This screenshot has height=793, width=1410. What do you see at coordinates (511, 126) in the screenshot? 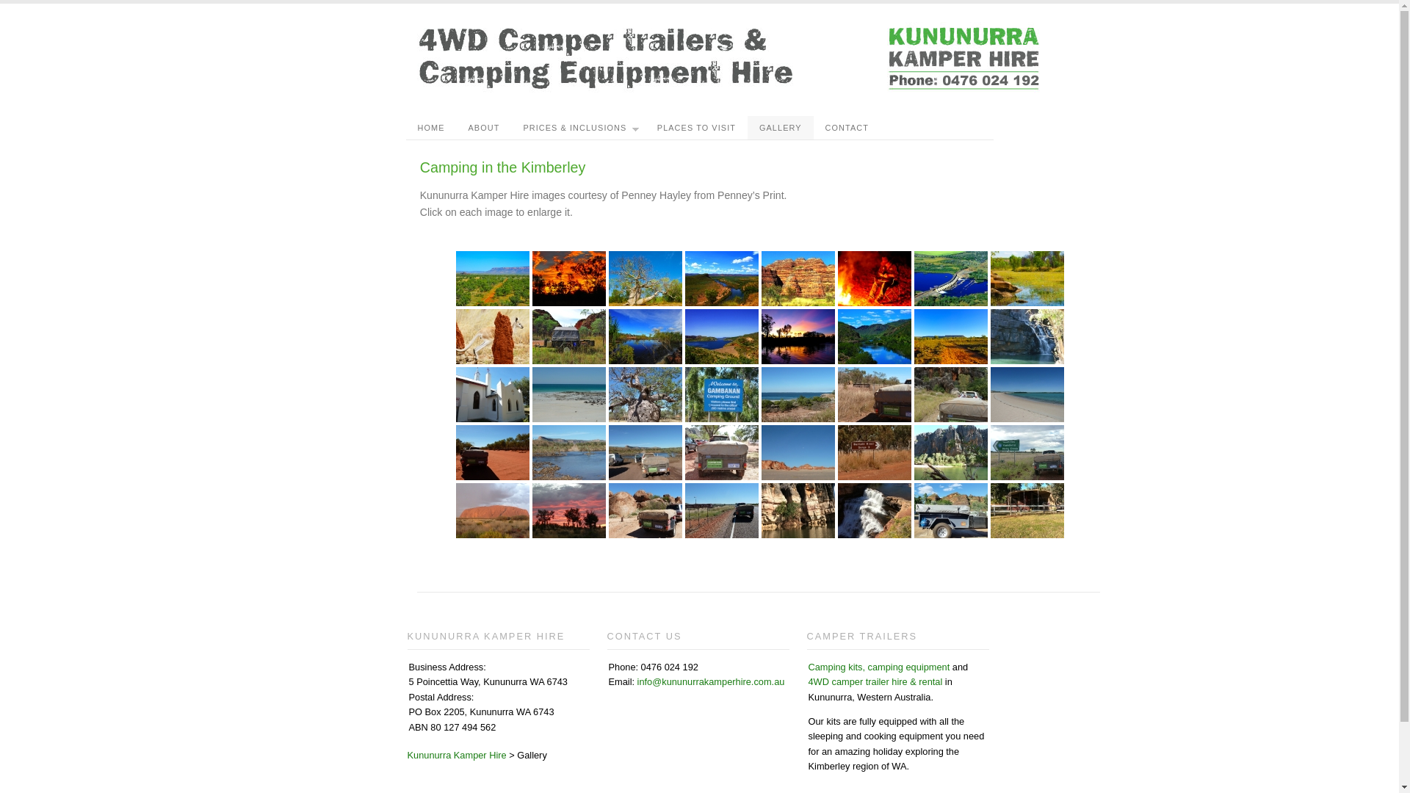
I see `'PRICES & INCLUSIONS'` at bounding box center [511, 126].